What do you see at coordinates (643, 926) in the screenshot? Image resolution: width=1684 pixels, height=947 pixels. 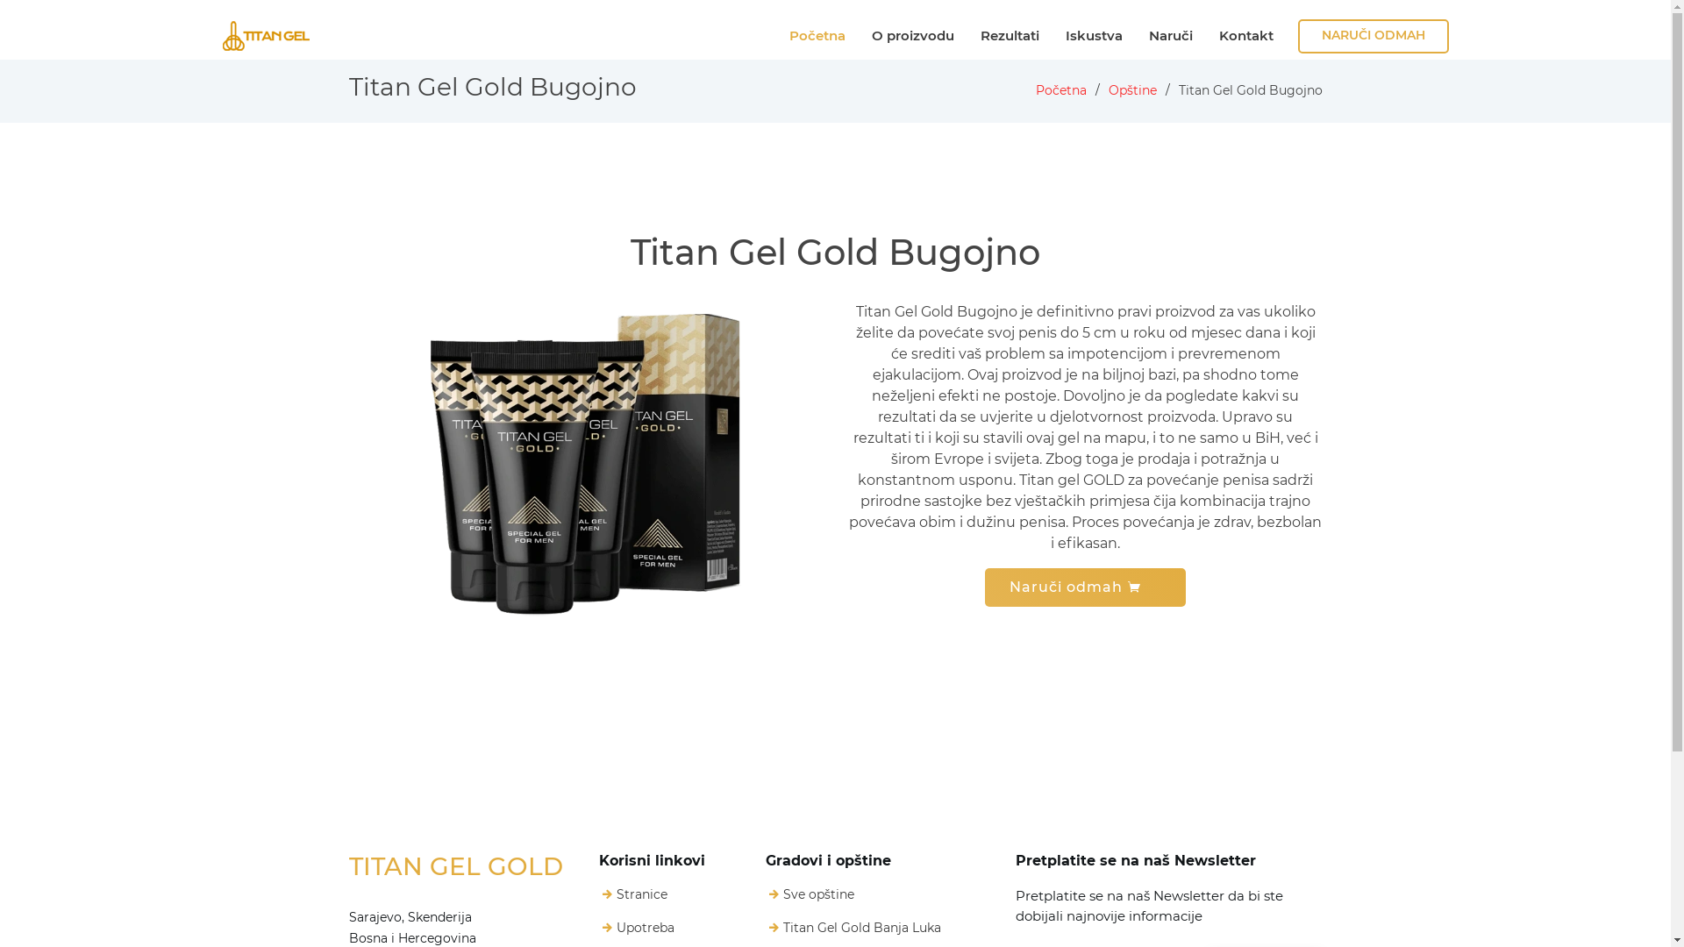 I see `'Upotreba'` at bounding box center [643, 926].